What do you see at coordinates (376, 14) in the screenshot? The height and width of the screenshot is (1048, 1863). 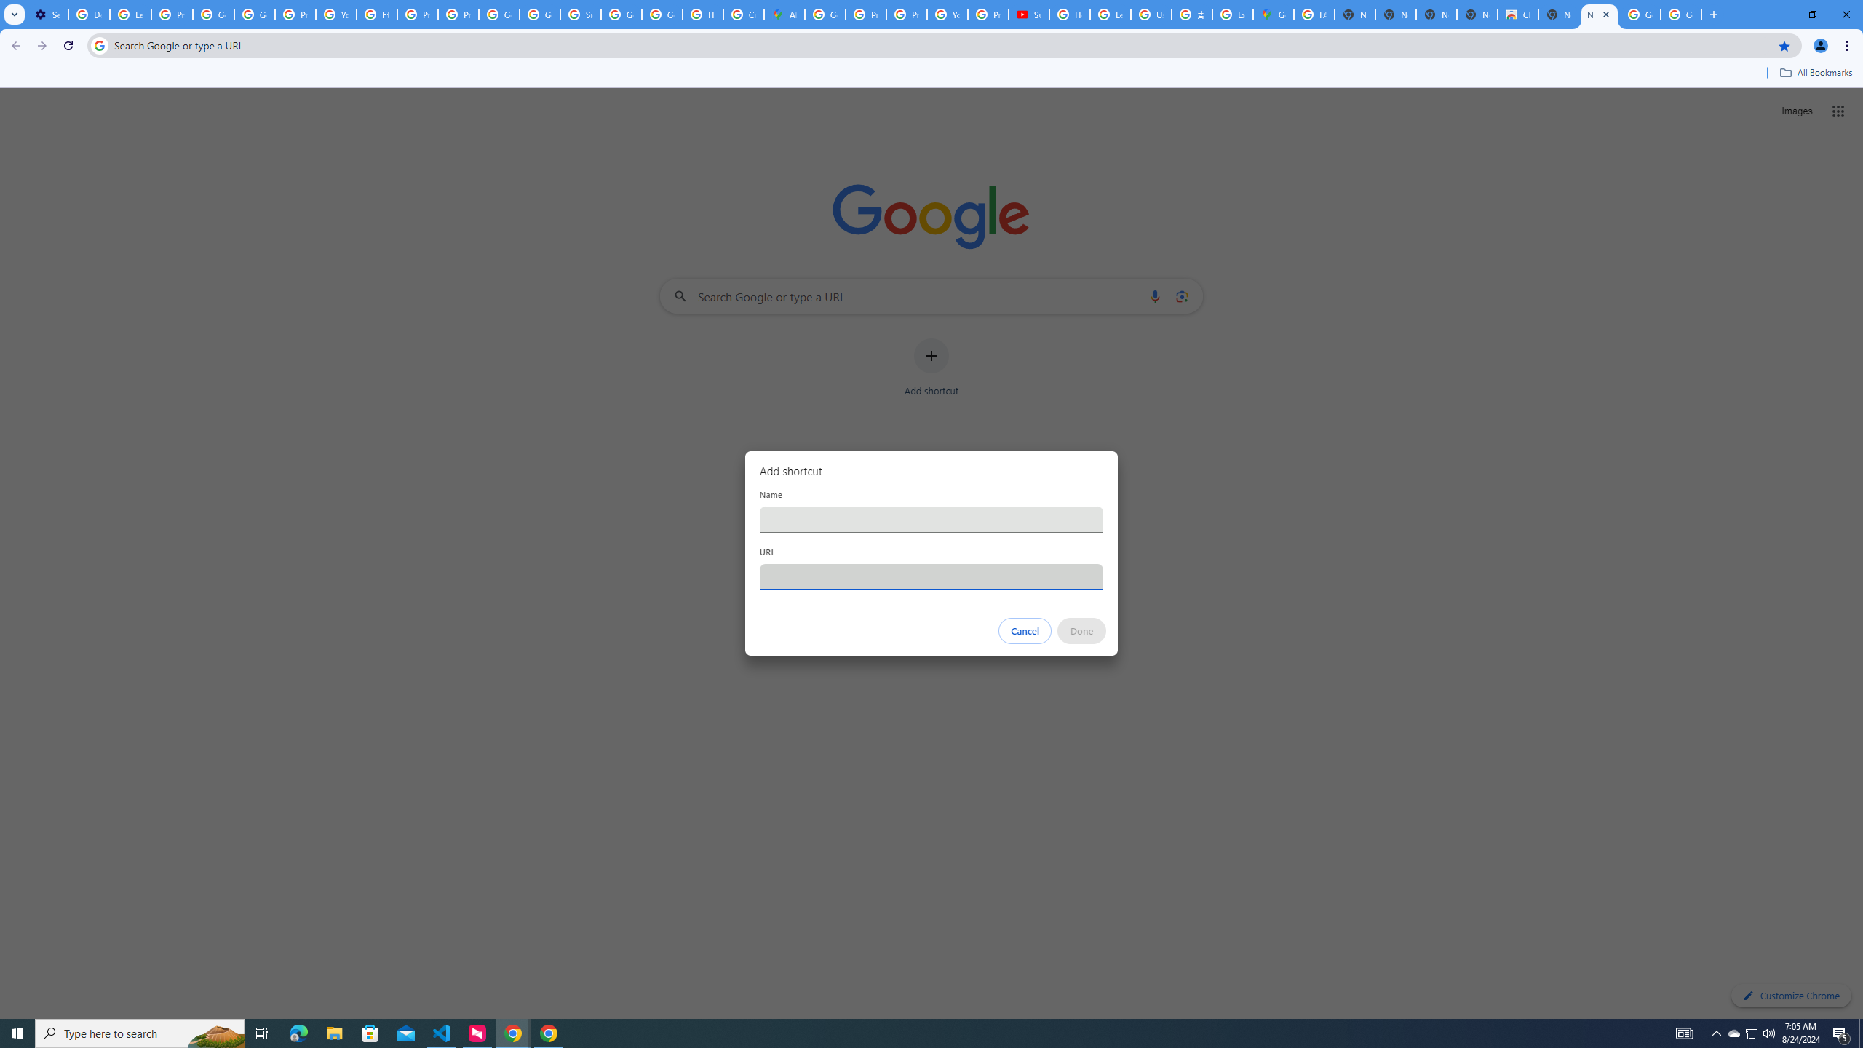 I see `'https://scholar.google.com/'` at bounding box center [376, 14].